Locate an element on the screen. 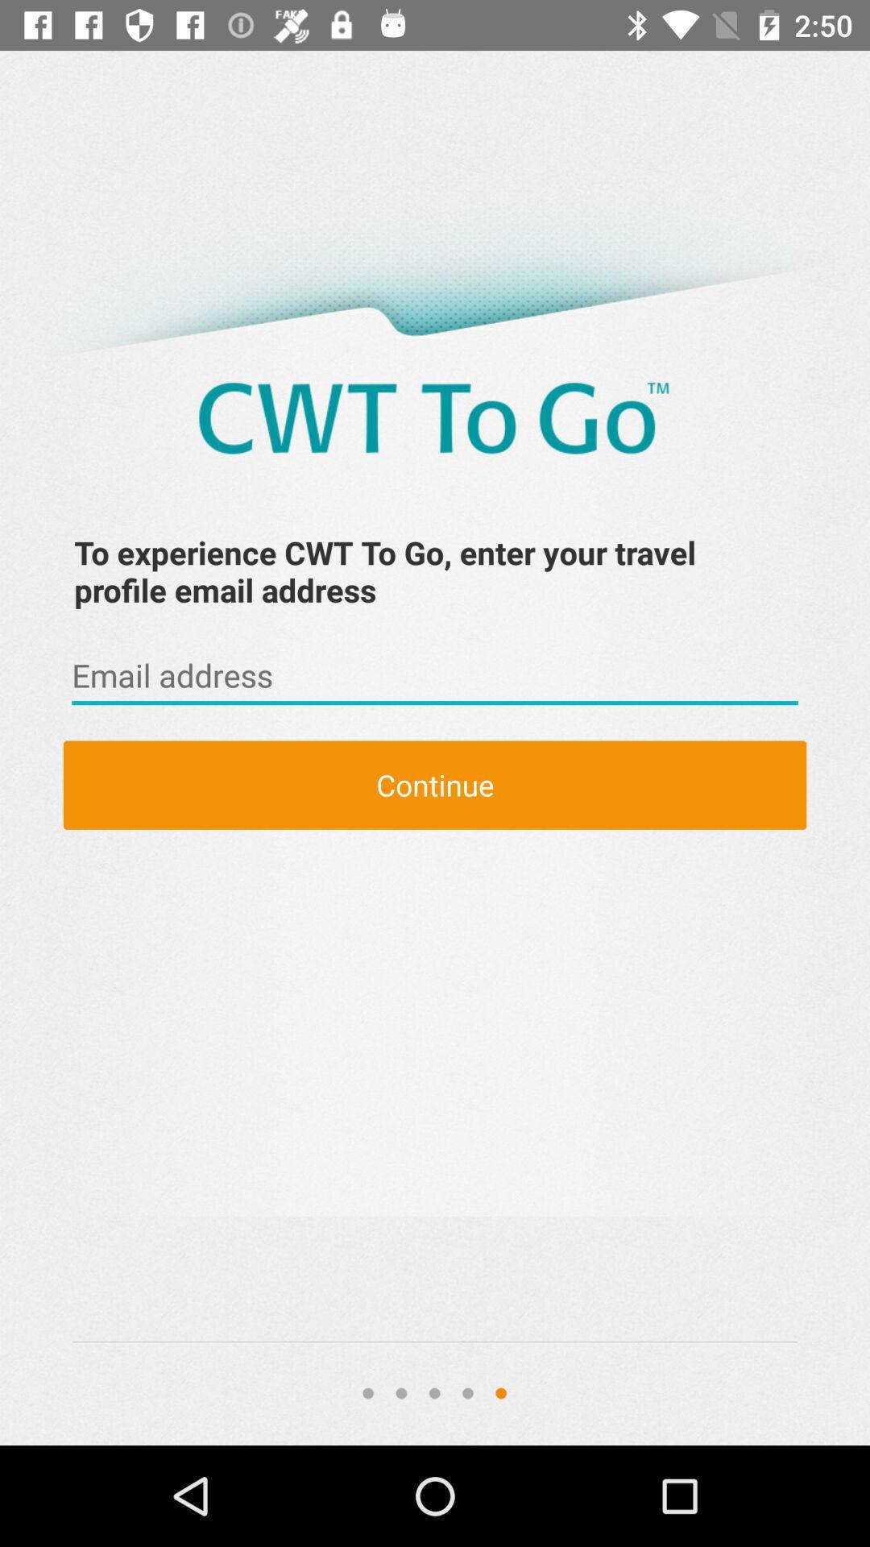  continue item is located at coordinates (435, 785).